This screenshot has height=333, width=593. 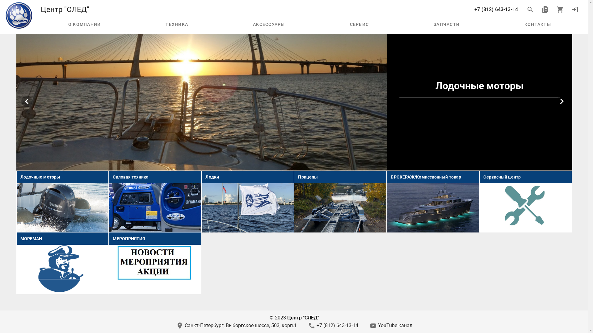 What do you see at coordinates (530, 9) in the screenshot?
I see `'search'` at bounding box center [530, 9].